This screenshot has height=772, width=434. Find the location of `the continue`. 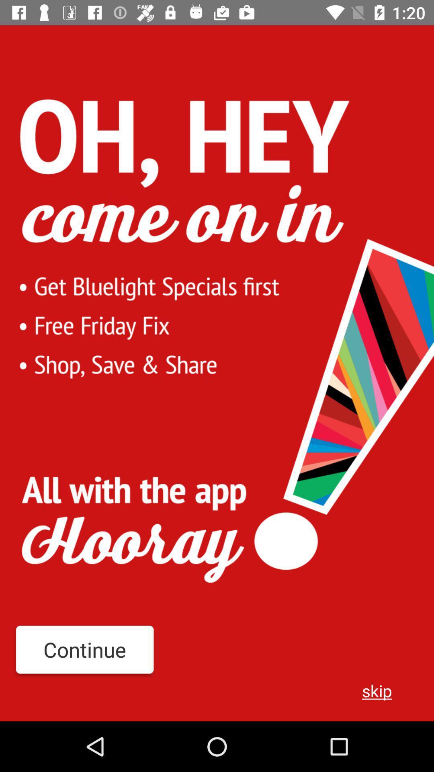

the continue is located at coordinates (85, 649).